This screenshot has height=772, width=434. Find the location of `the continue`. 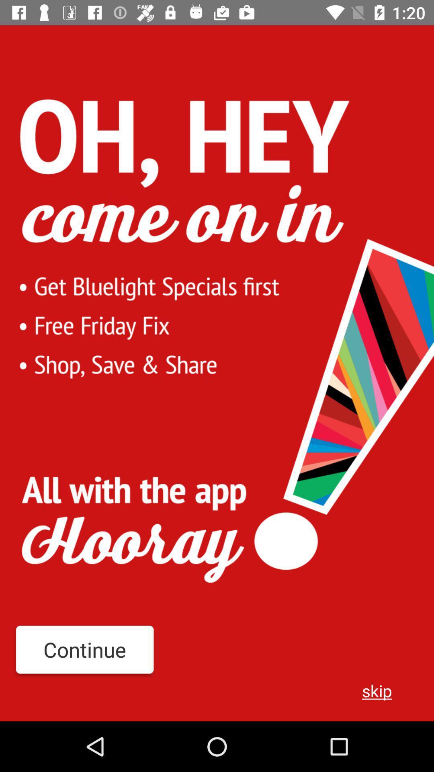

the continue is located at coordinates (85, 649).